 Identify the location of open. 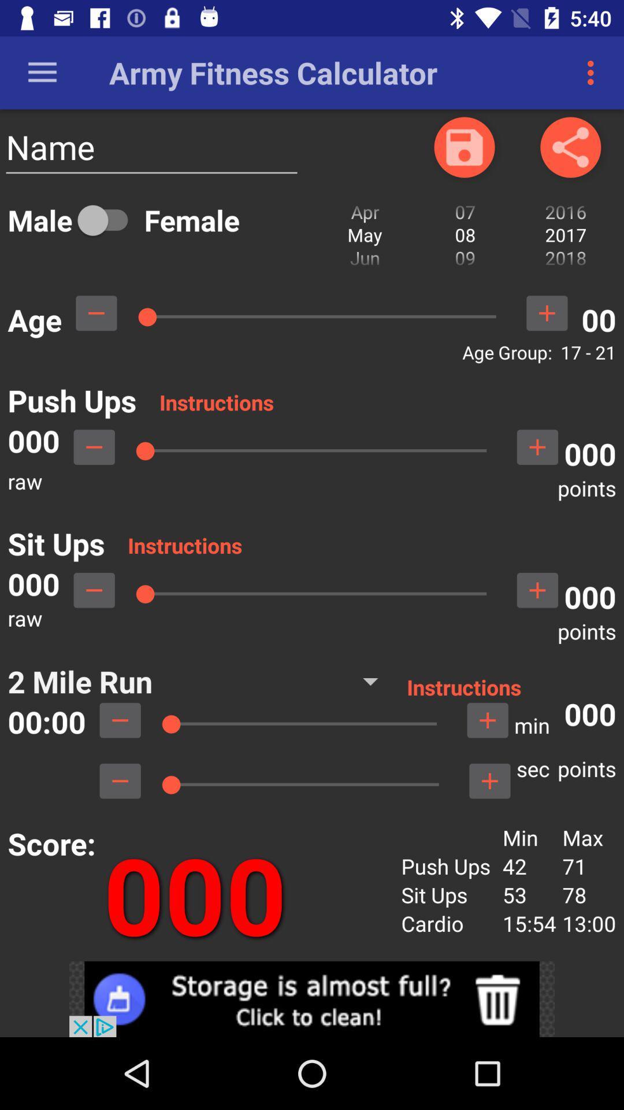
(312, 998).